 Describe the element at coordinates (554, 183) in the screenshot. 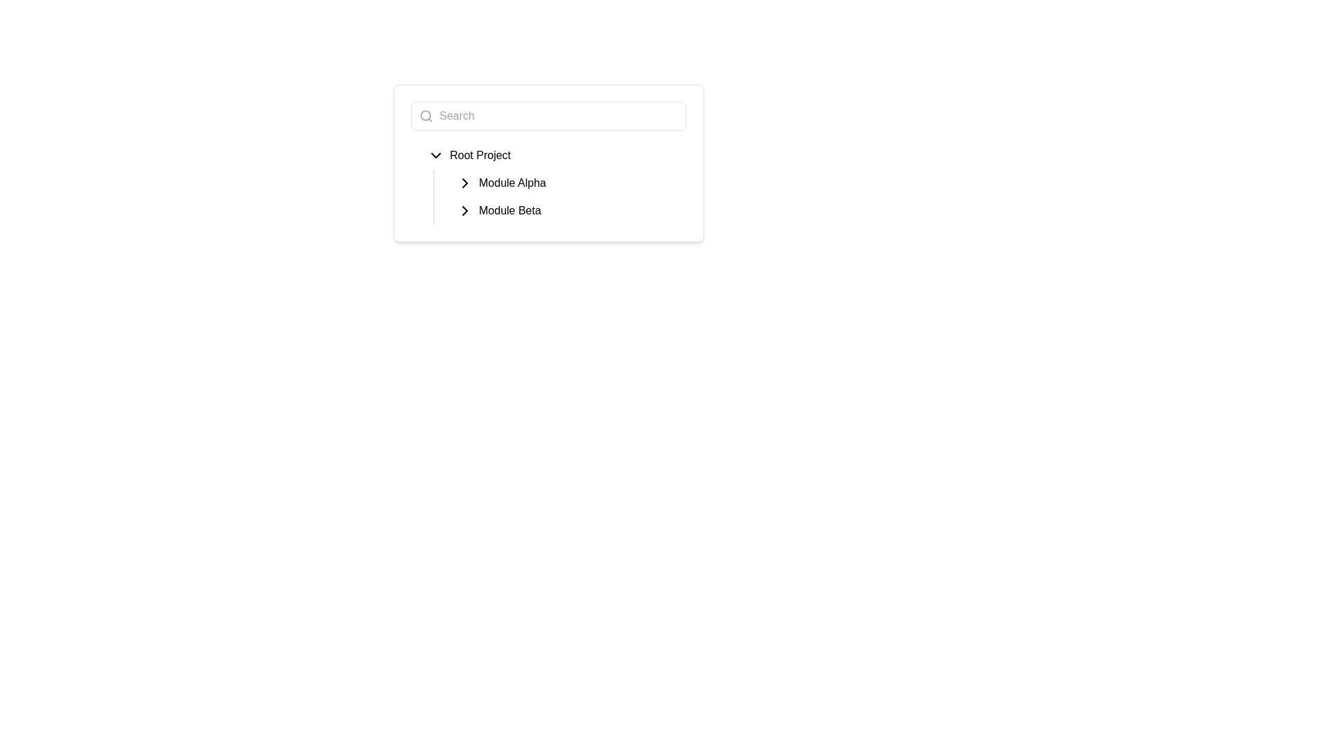

I see `the 'Module Alpha' collapsible list node` at that location.